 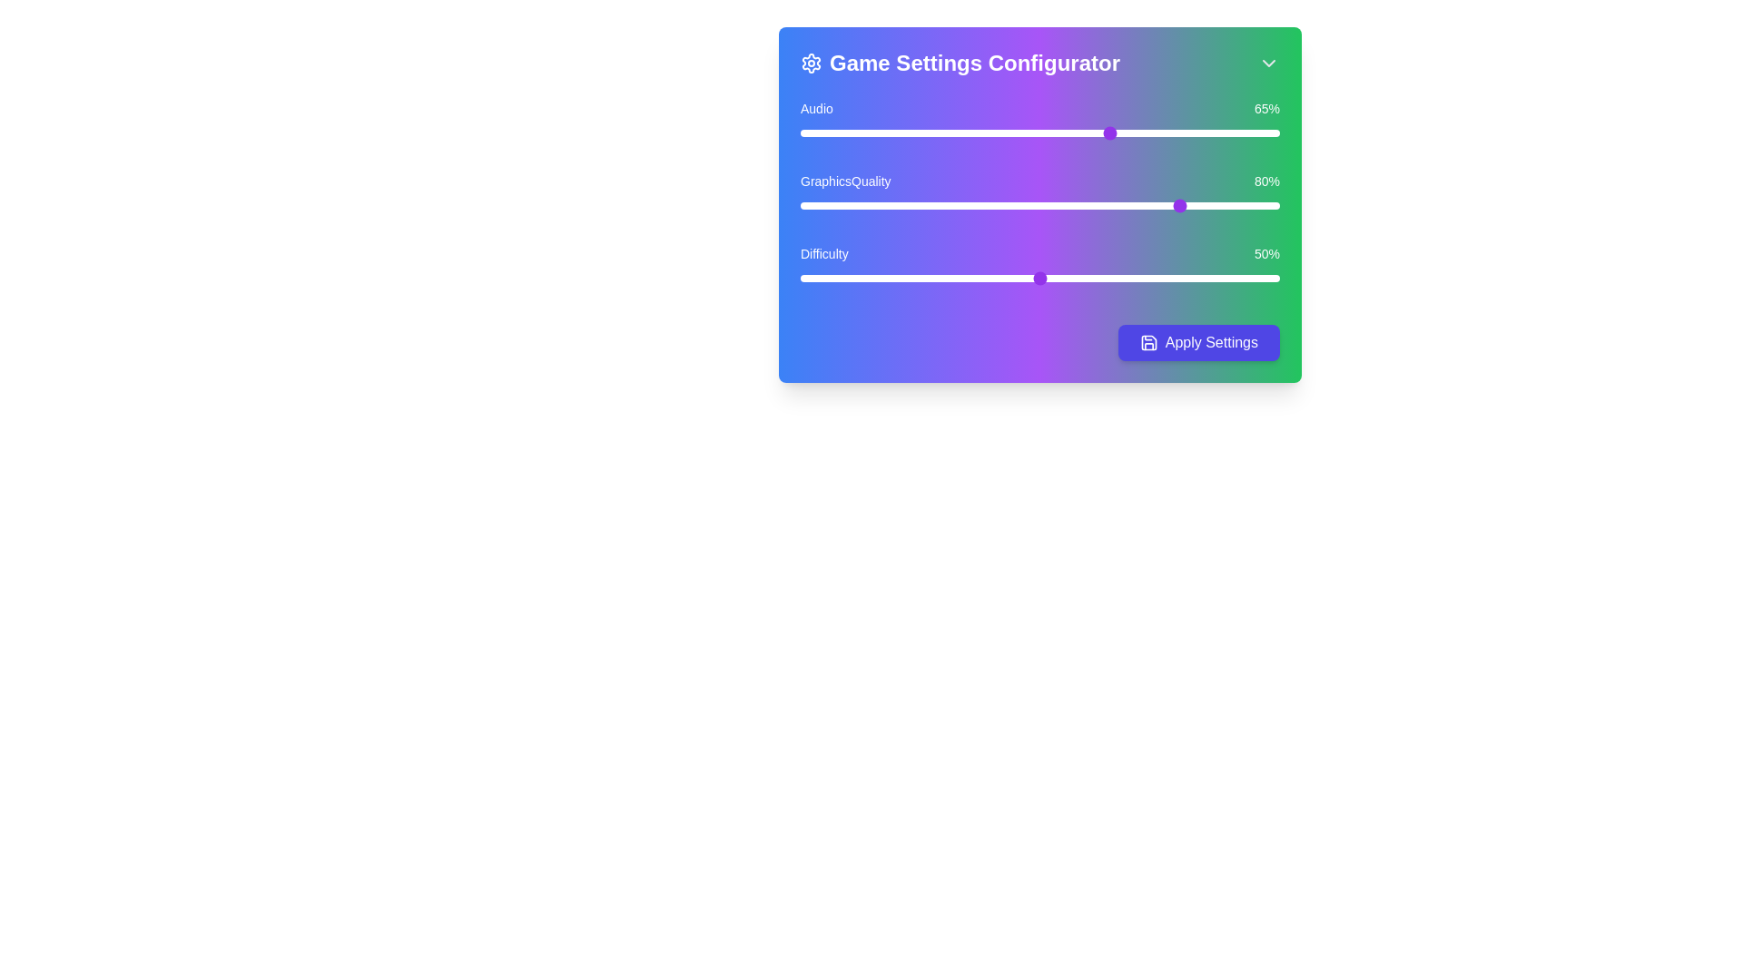 What do you see at coordinates (847, 132) in the screenshot?
I see `the audio slider` at bounding box center [847, 132].